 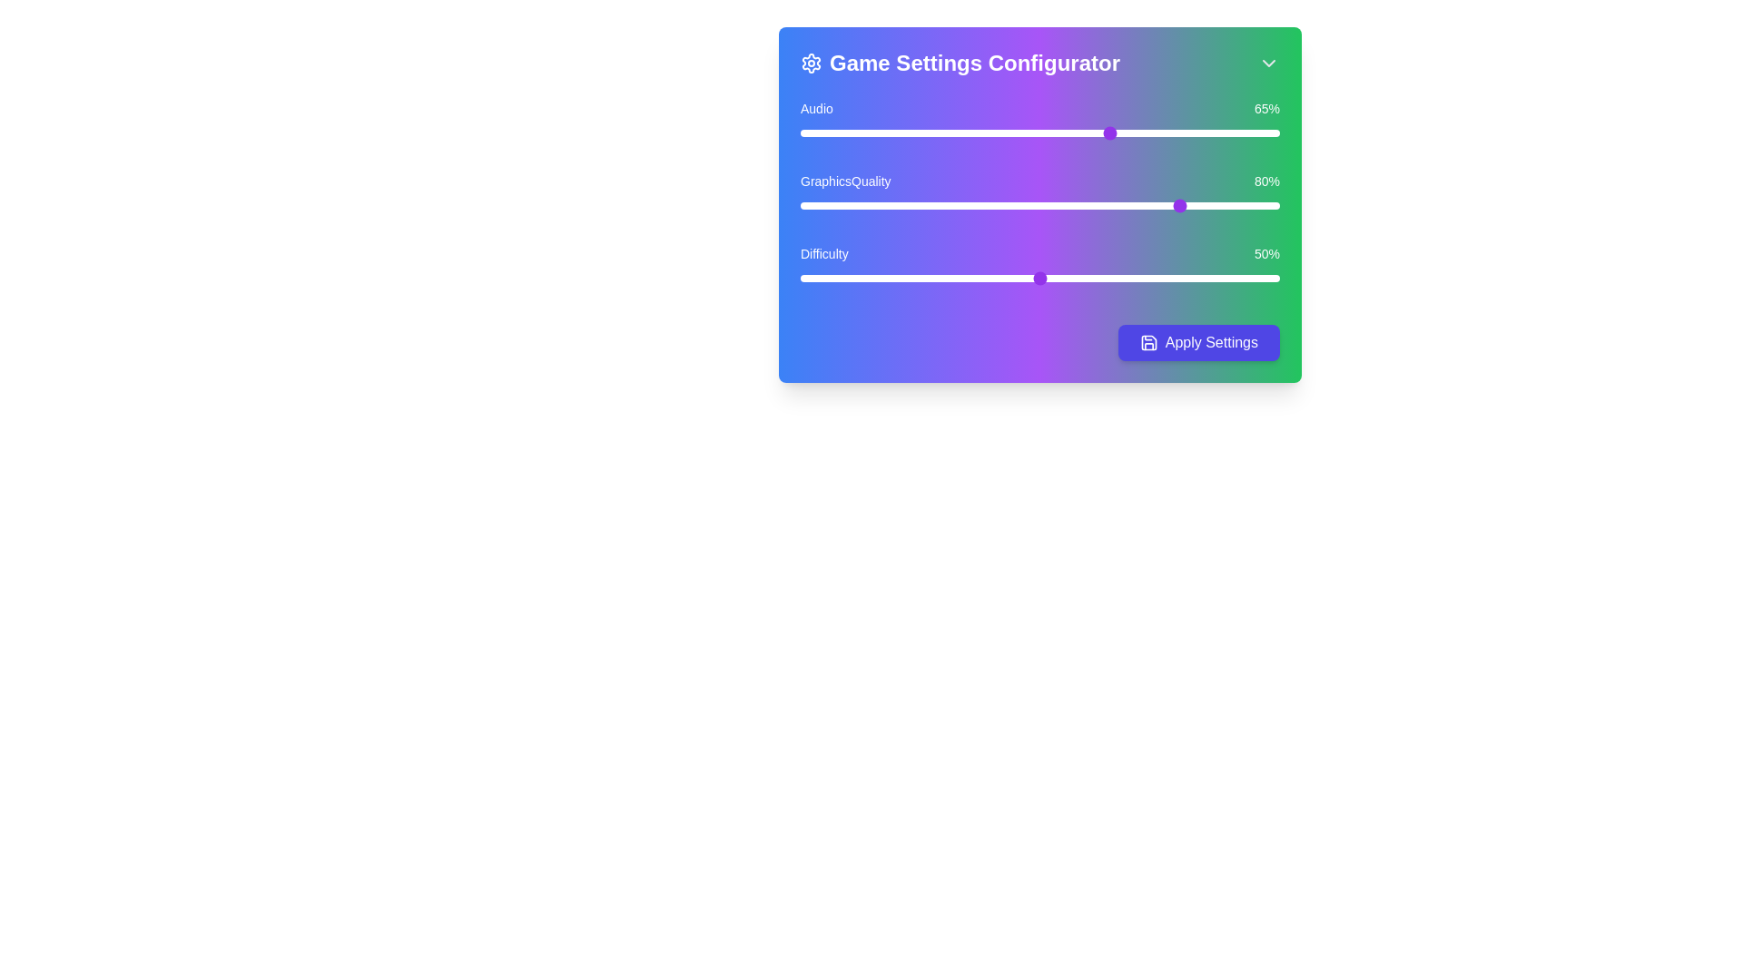 What do you see at coordinates (847, 132) in the screenshot?
I see `the audio slider` at bounding box center [847, 132].